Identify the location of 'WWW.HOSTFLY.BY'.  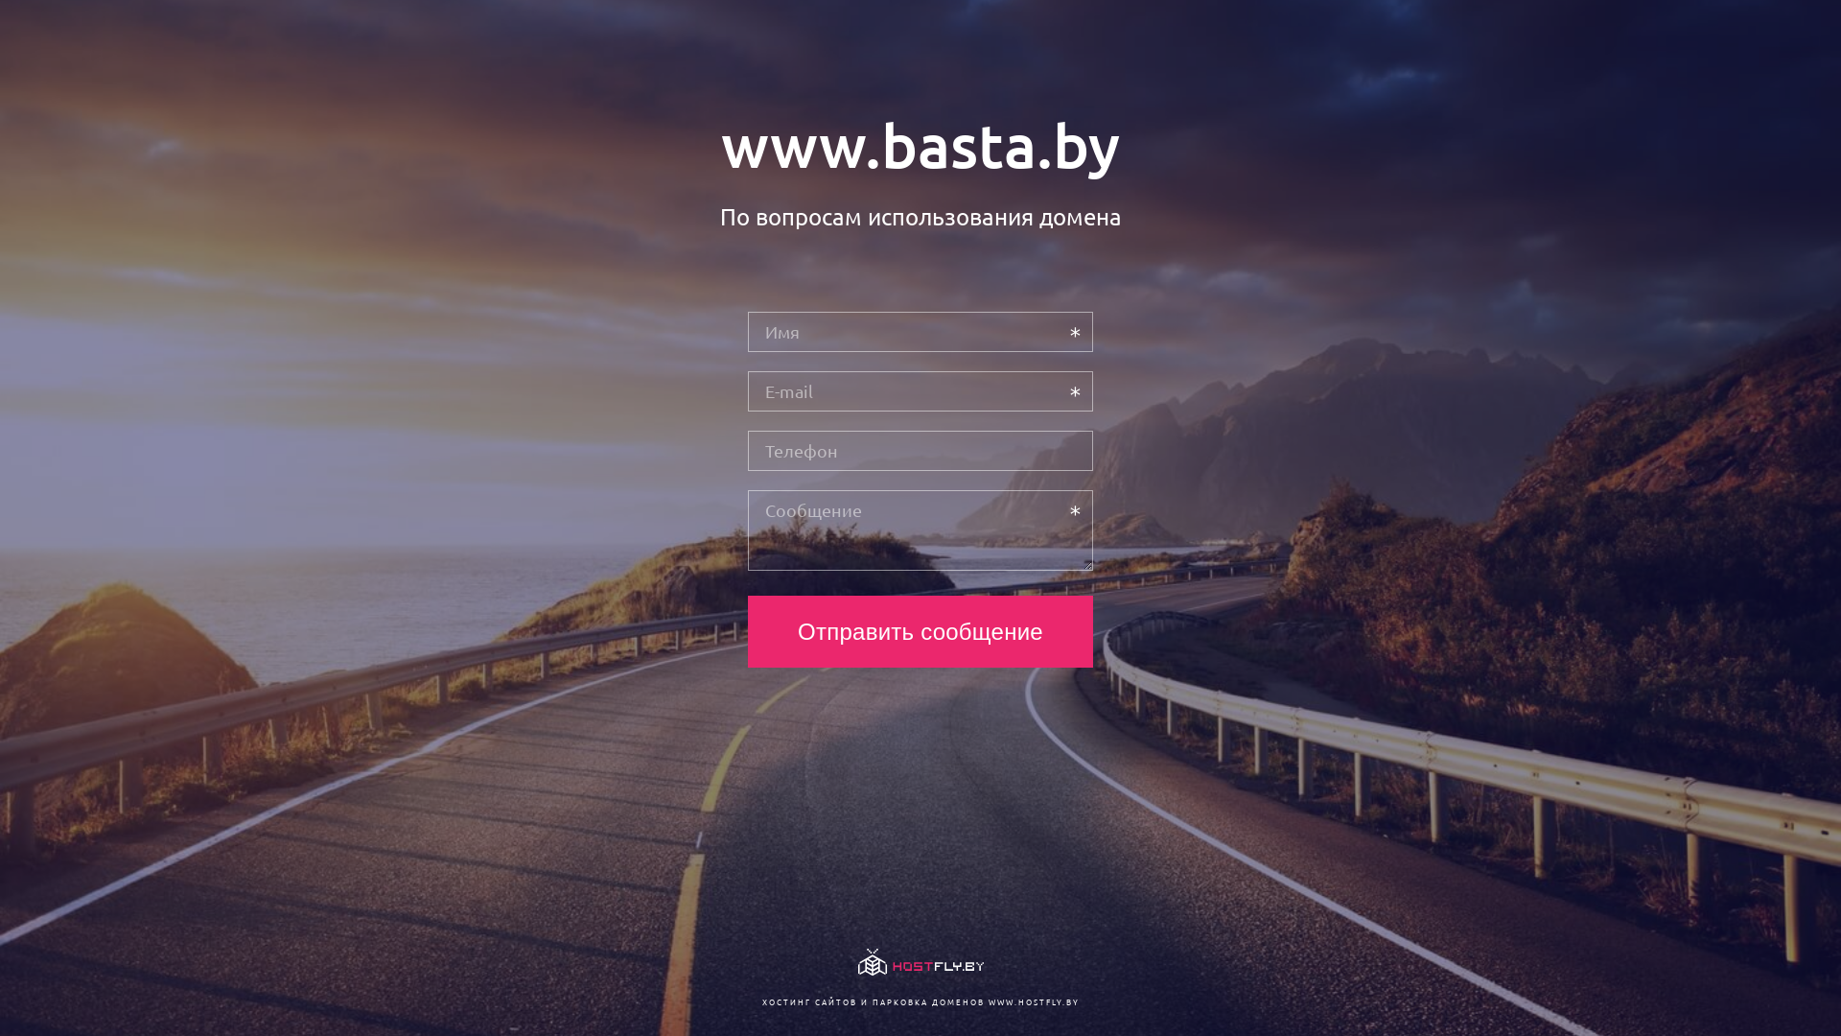
(1032, 1001).